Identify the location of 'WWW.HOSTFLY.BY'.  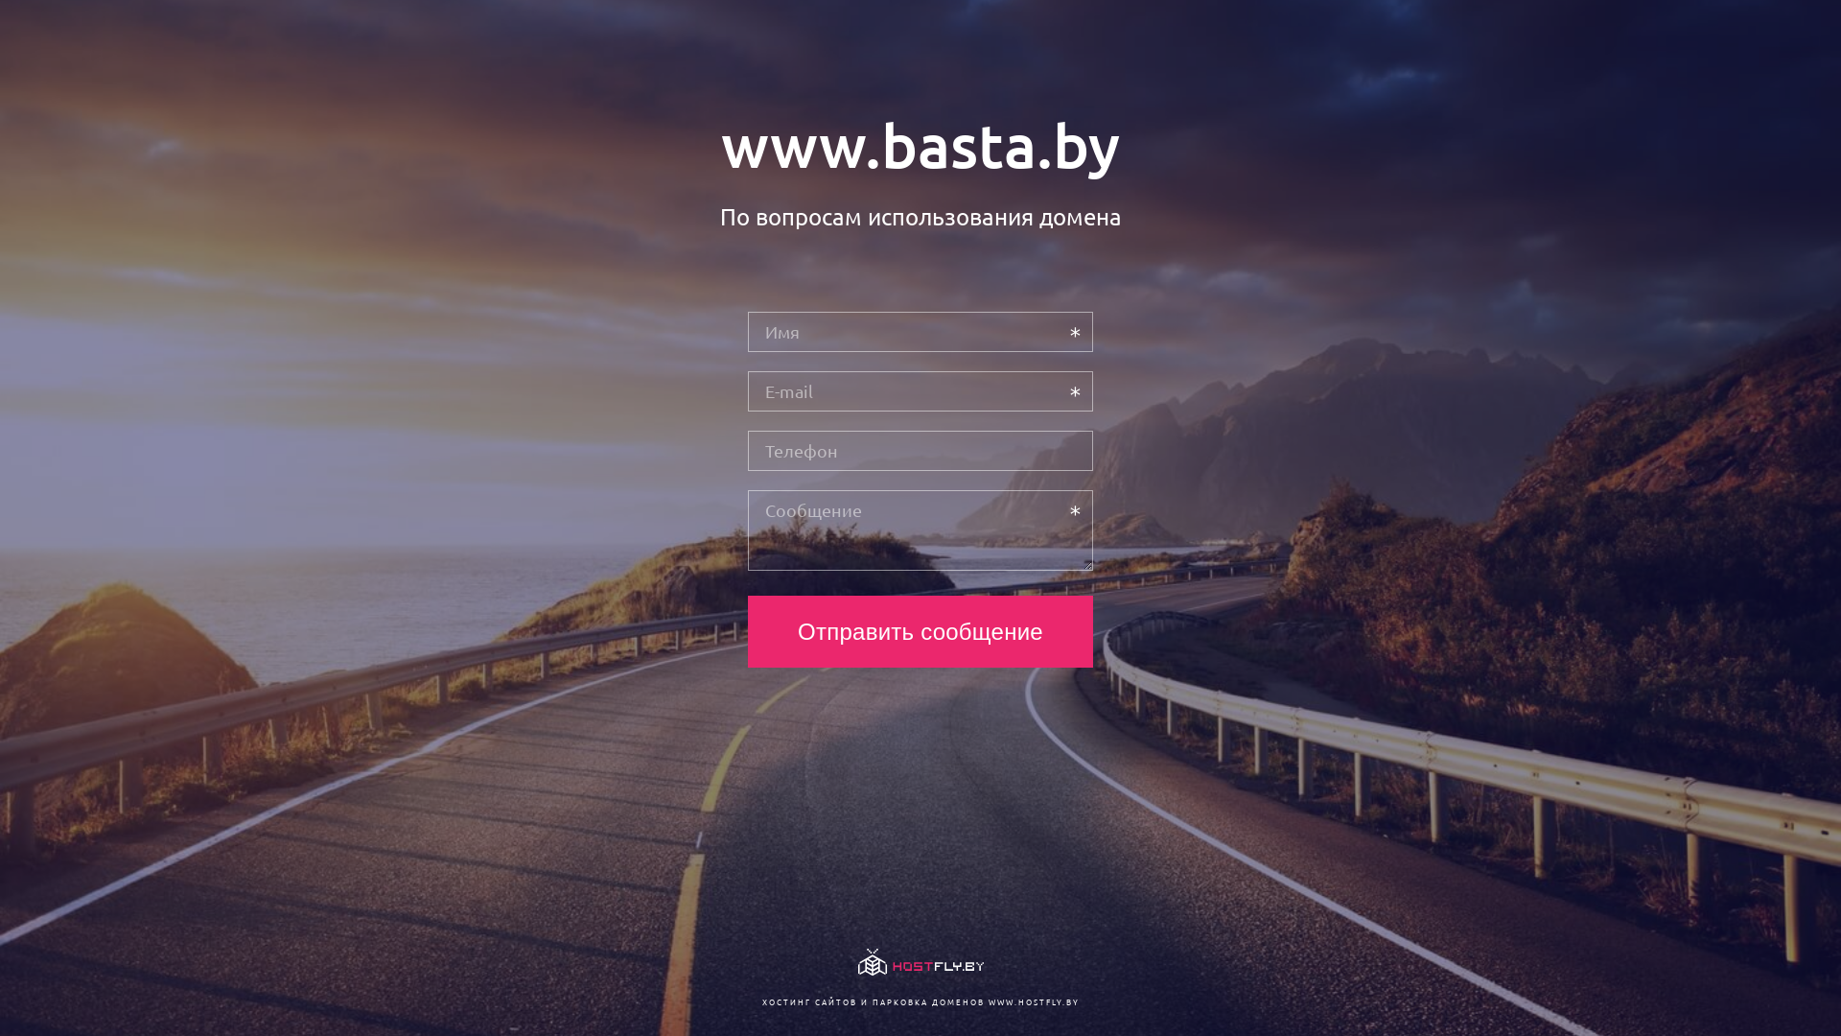
(1032, 1001).